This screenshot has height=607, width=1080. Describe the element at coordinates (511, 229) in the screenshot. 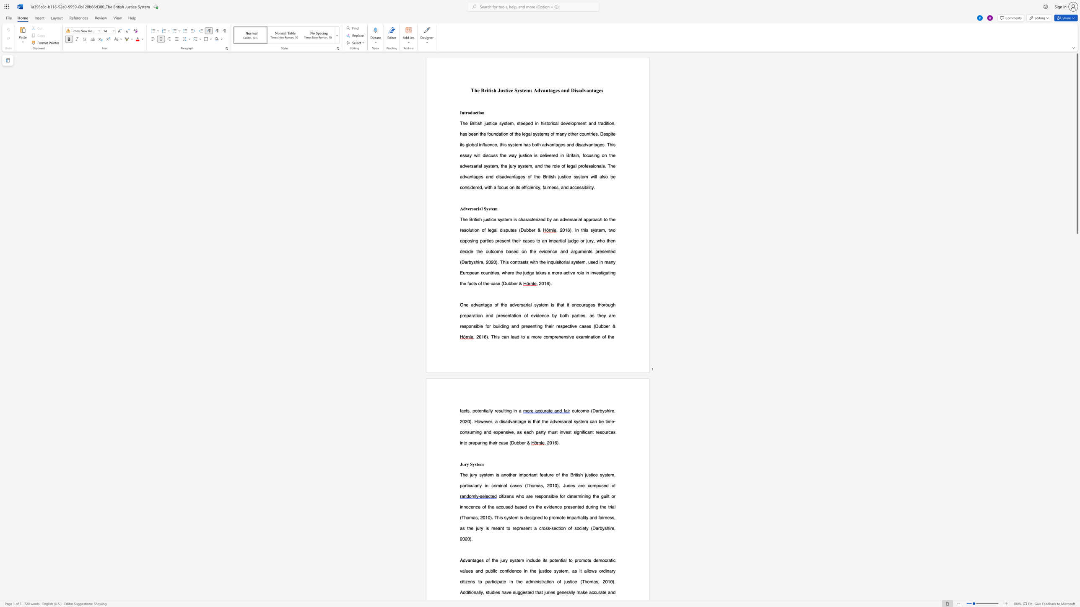

I see `the subset text "te" within the text "The British justice system is characterized by an adversarial approach to the resolution of legal disputes"` at that location.